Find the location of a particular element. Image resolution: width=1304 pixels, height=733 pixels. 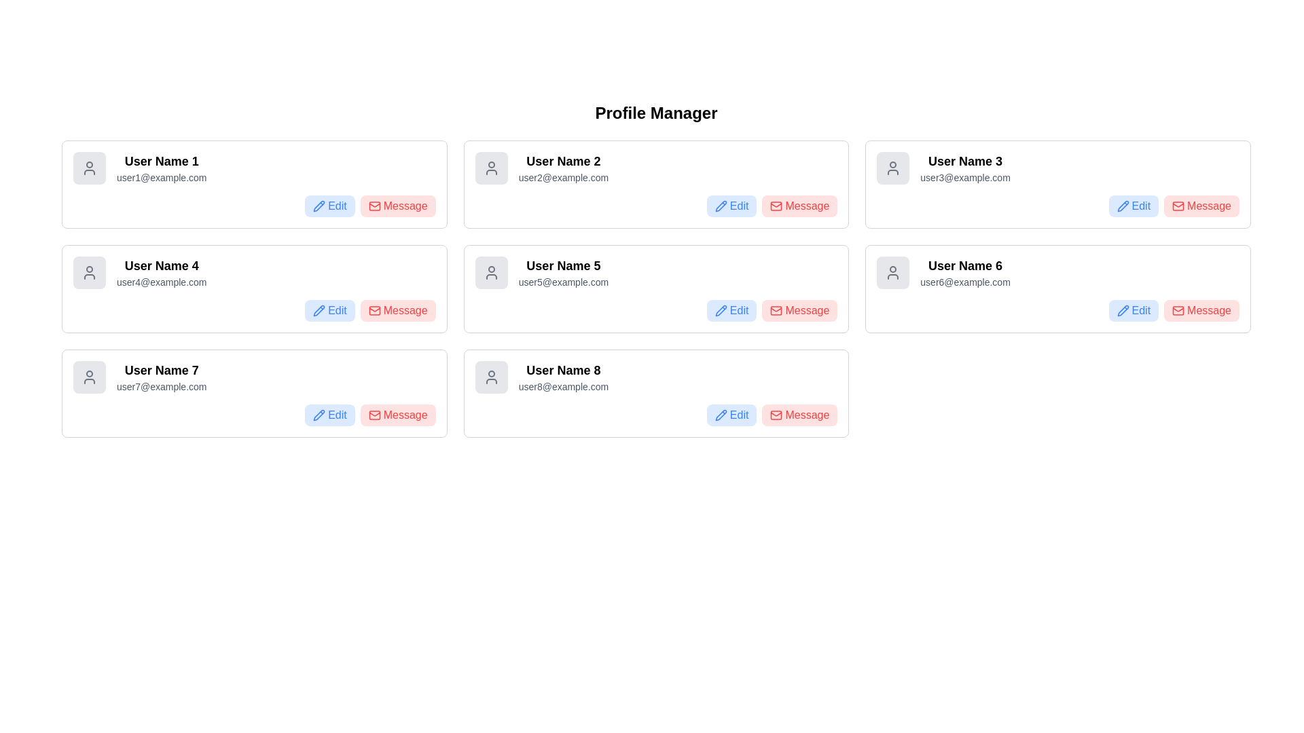

the messaging button label located to the right of the 'Edit' button in the user profile card for 'User Name 2' to initiate messaging is located at coordinates (807, 206).